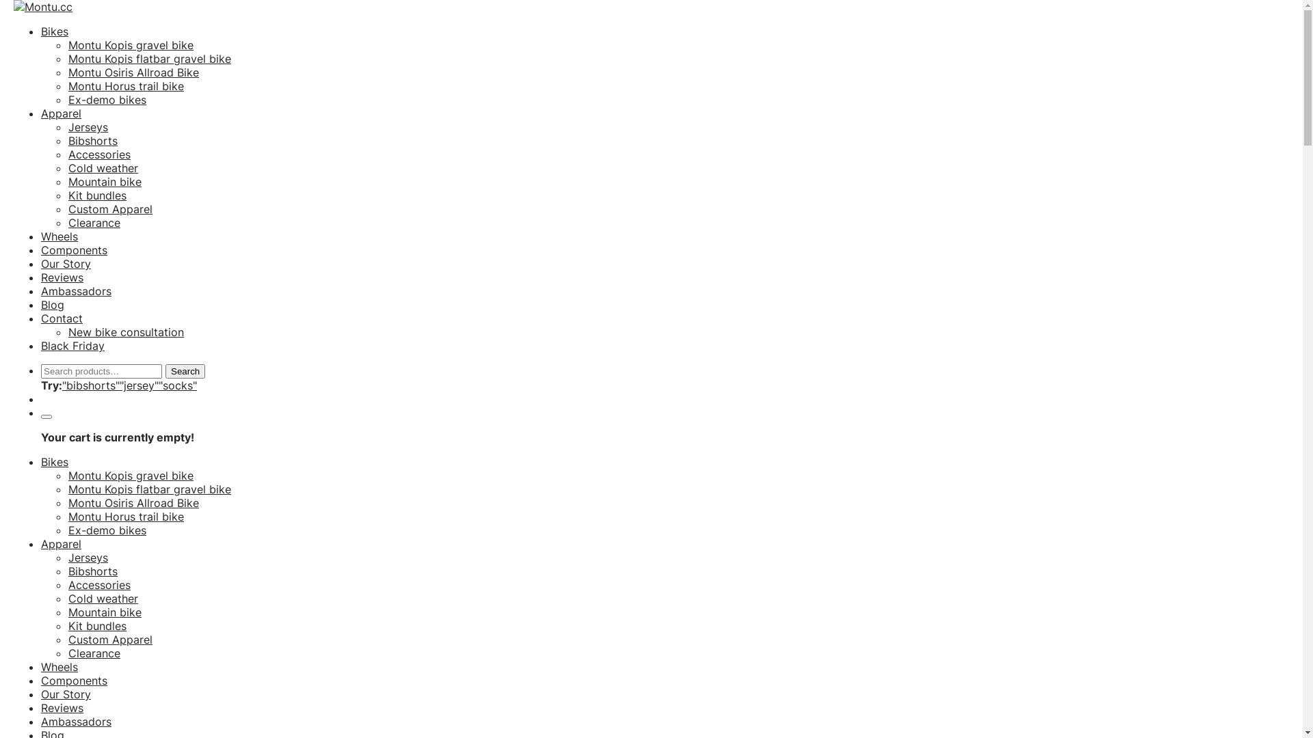  I want to click on 'Our Story', so click(65, 263).